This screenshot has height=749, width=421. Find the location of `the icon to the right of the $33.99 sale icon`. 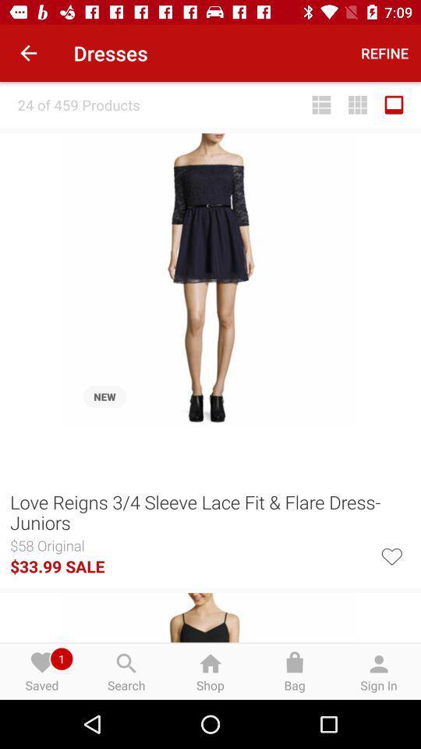

the icon to the right of the $33.99 sale icon is located at coordinates (391, 555).